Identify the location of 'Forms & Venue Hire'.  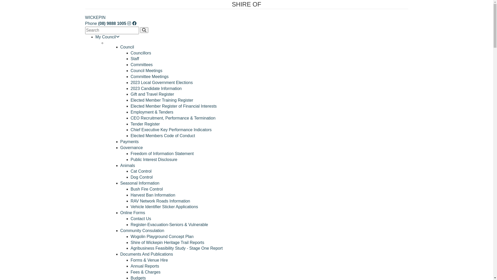
(149, 260).